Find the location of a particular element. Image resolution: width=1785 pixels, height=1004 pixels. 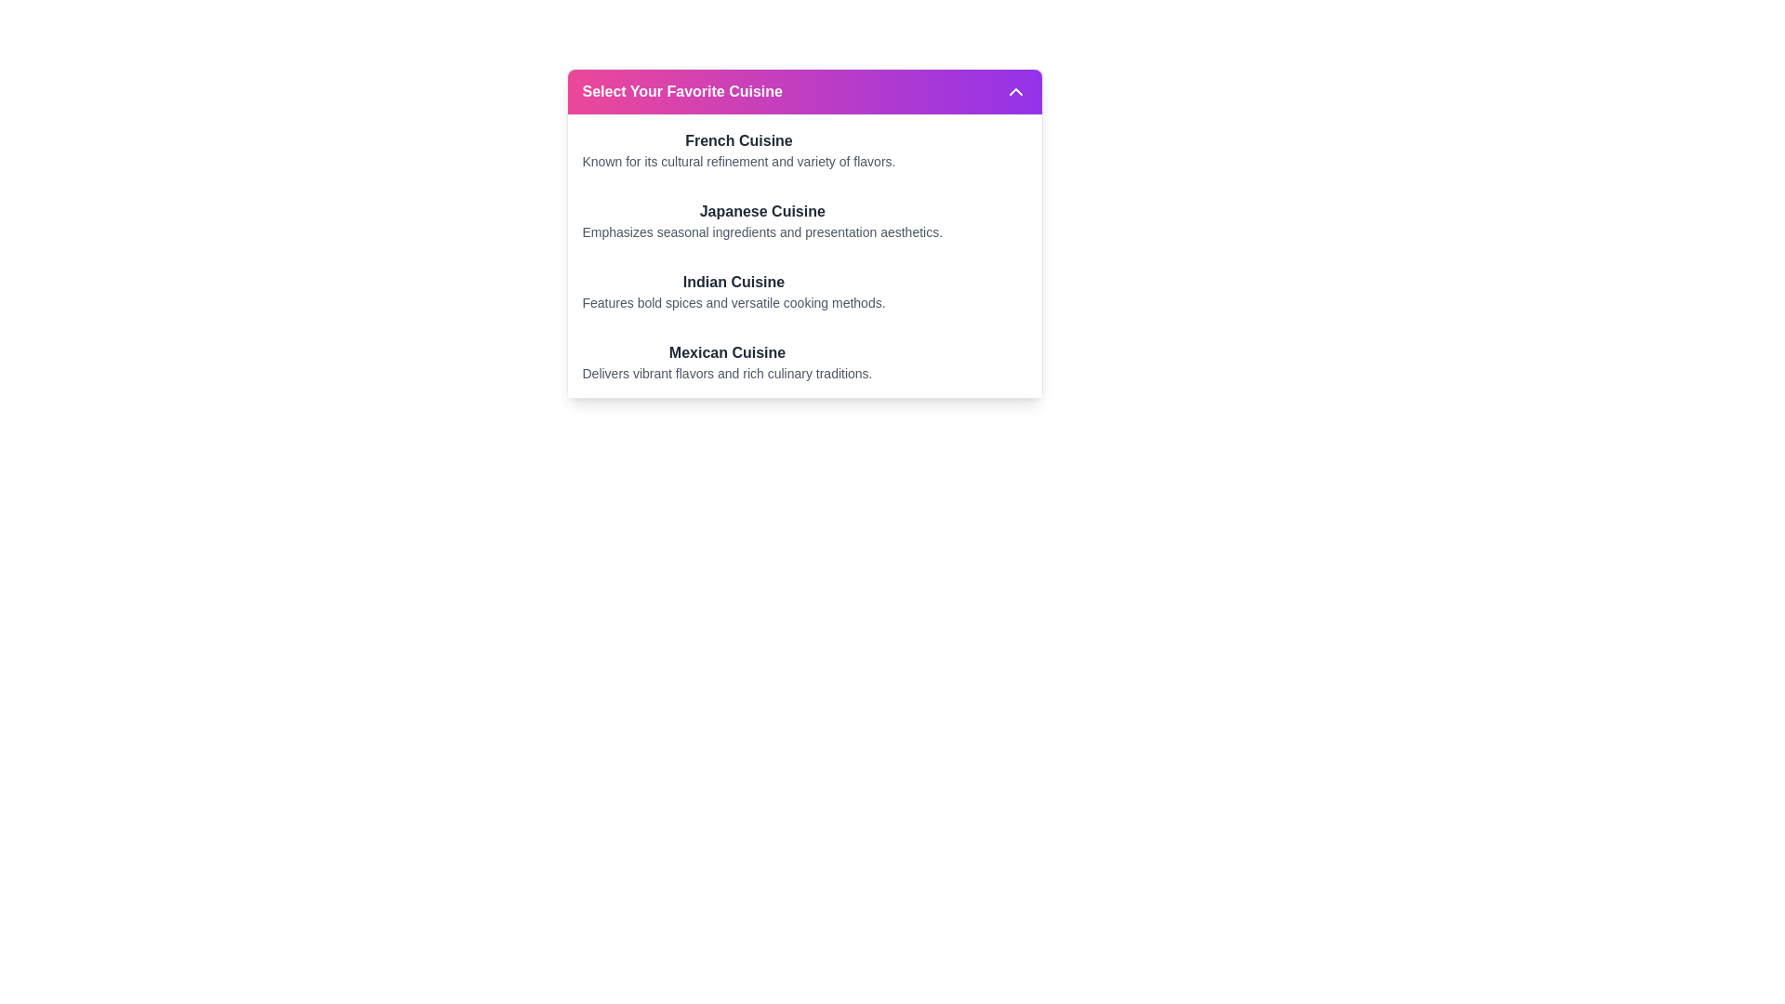

the informational block about French Cuisine, which is the first item in the list under 'Select Your Favorite Cuisine.' is located at coordinates (804, 150).